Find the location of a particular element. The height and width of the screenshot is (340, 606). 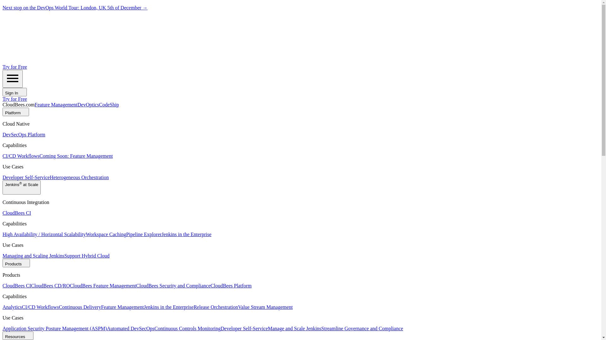

'CloudBees Security and Compliance' is located at coordinates (136, 286).